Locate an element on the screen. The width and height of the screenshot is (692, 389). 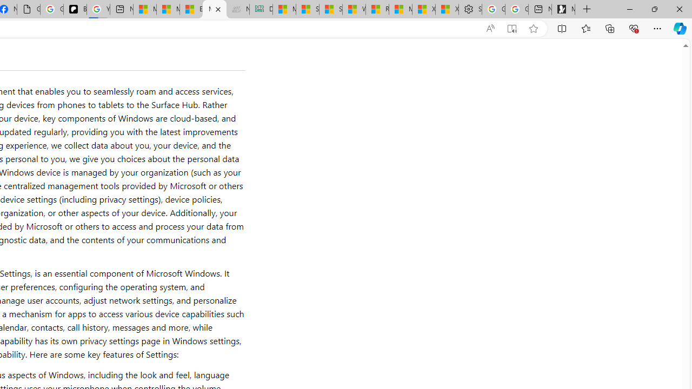
'Enter Immersive Reader (F9)' is located at coordinates (511, 28).